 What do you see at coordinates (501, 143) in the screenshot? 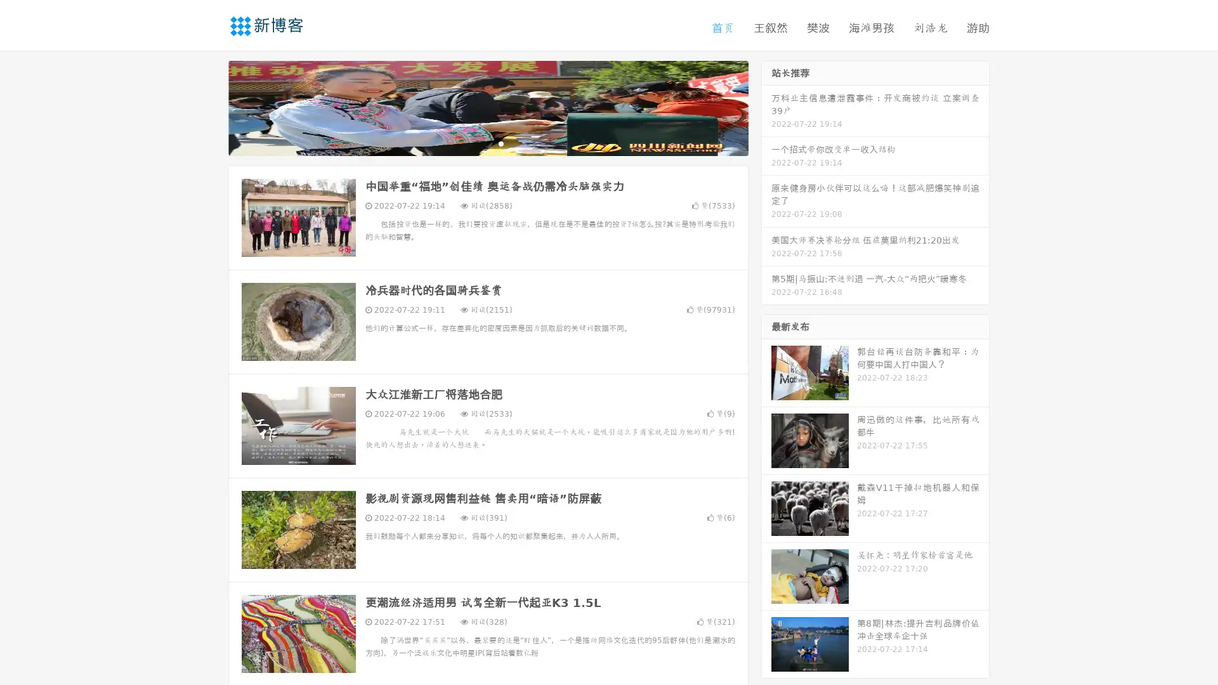
I see `Go to slide 3` at bounding box center [501, 143].